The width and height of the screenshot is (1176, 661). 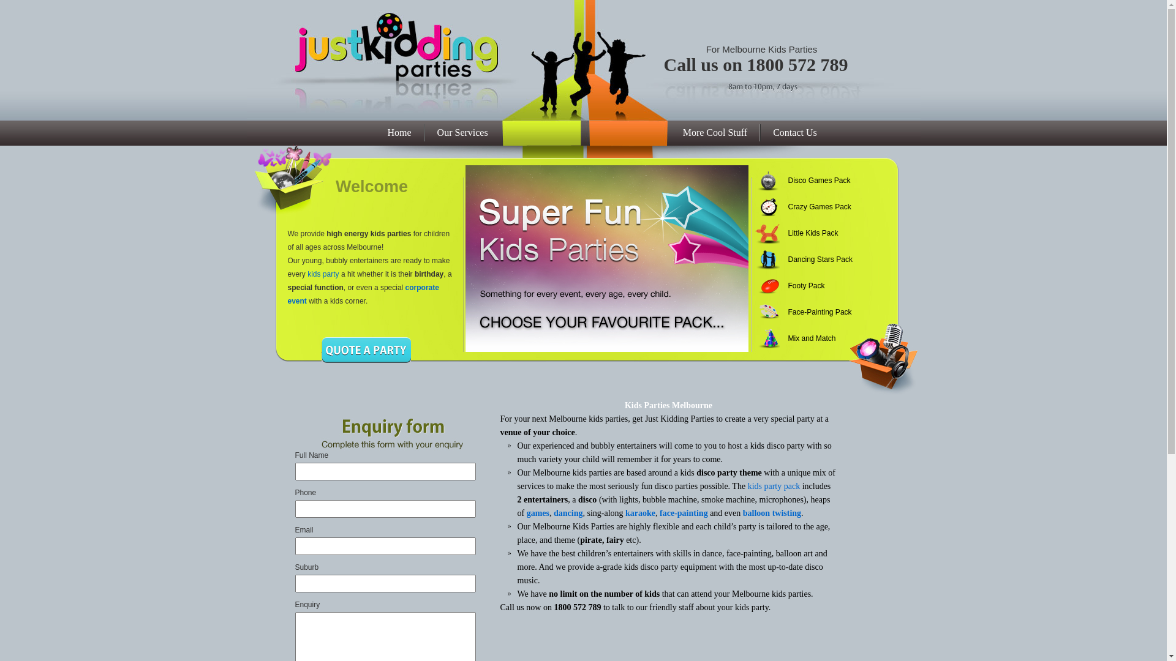 What do you see at coordinates (567, 513) in the screenshot?
I see `'dancing'` at bounding box center [567, 513].